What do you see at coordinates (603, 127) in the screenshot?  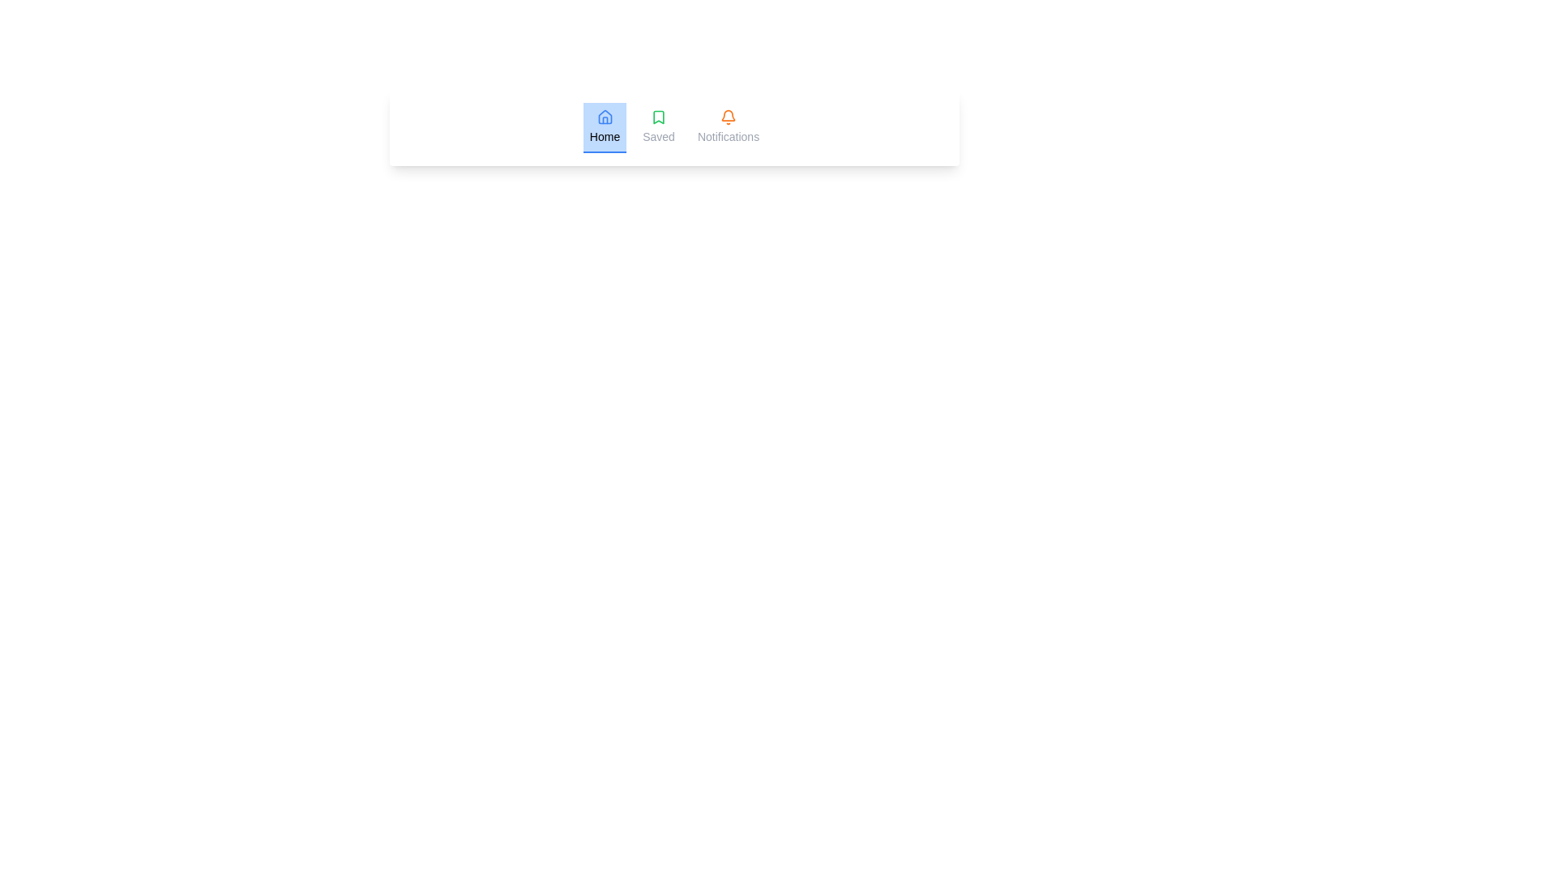 I see `the category Home by clicking on its name or icon` at bounding box center [603, 127].